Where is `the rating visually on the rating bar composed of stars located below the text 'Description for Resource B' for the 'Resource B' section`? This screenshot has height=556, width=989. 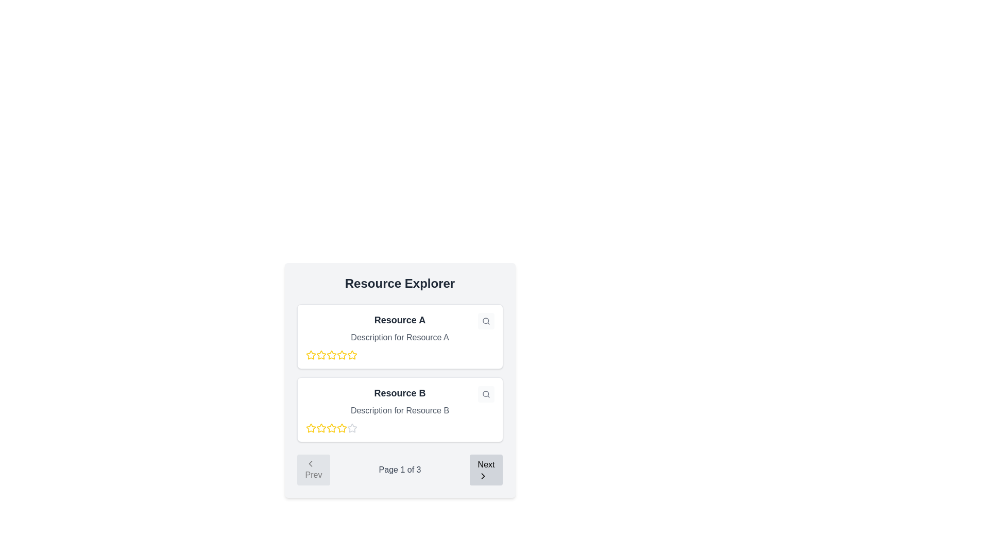
the rating visually on the rating bar composed of stars located below the text 'Description for Resource B' for the 'Resource B' section is located at coordinates (399, 428).